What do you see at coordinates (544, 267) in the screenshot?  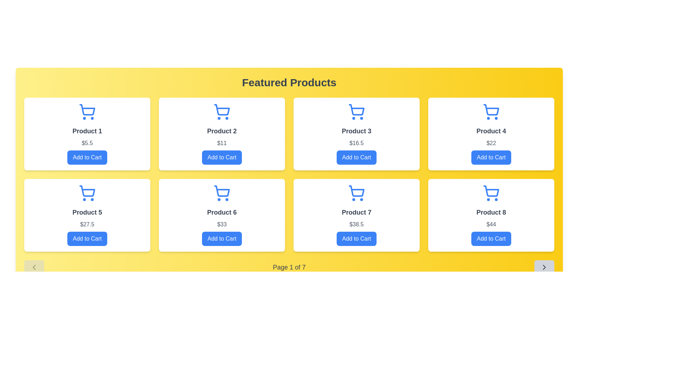 I see `the chevron right icon, which is a minimalistic dark gray outline located in a light-gray button at the bottom-right corner of the interface` at bounding box center [544, 267].